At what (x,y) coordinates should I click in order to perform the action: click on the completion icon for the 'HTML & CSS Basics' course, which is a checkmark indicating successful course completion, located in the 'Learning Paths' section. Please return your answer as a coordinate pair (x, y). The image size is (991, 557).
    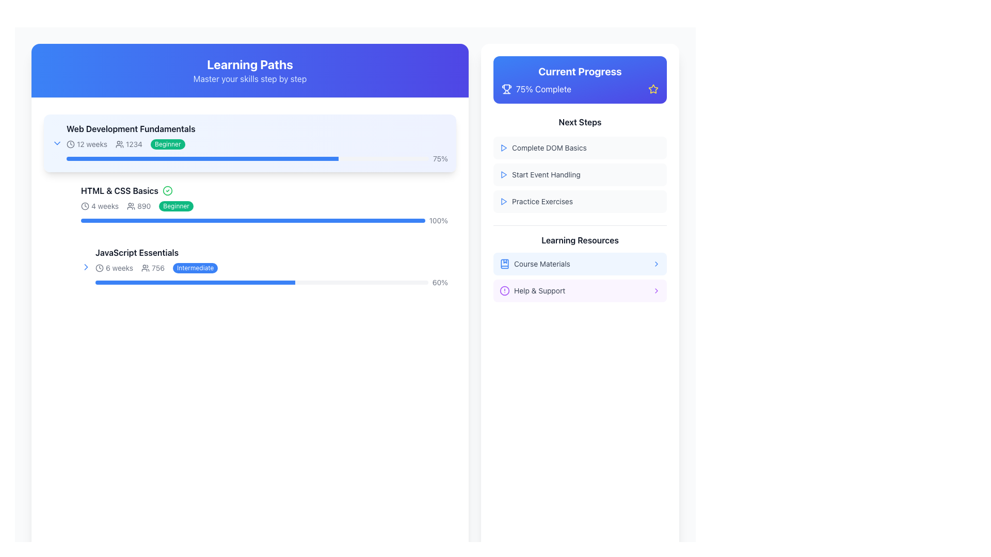
    Looking at the image, I should click on (168, 191).